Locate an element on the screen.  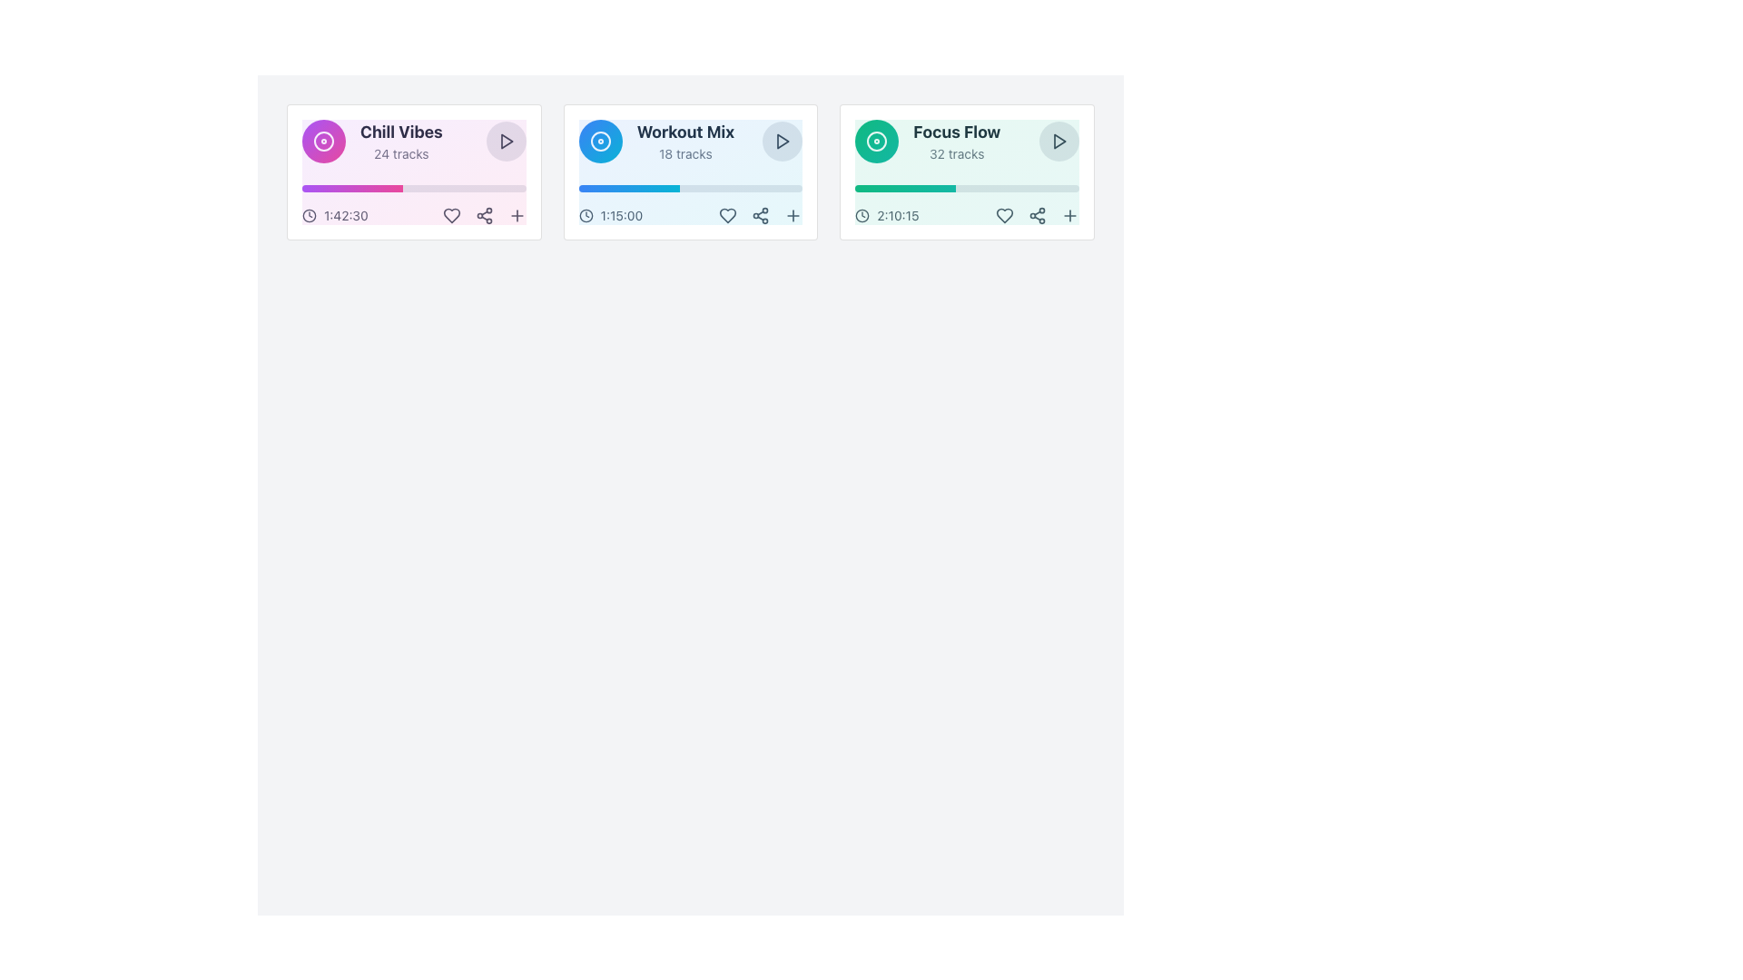
the slider is located at coordinates (639, 189).